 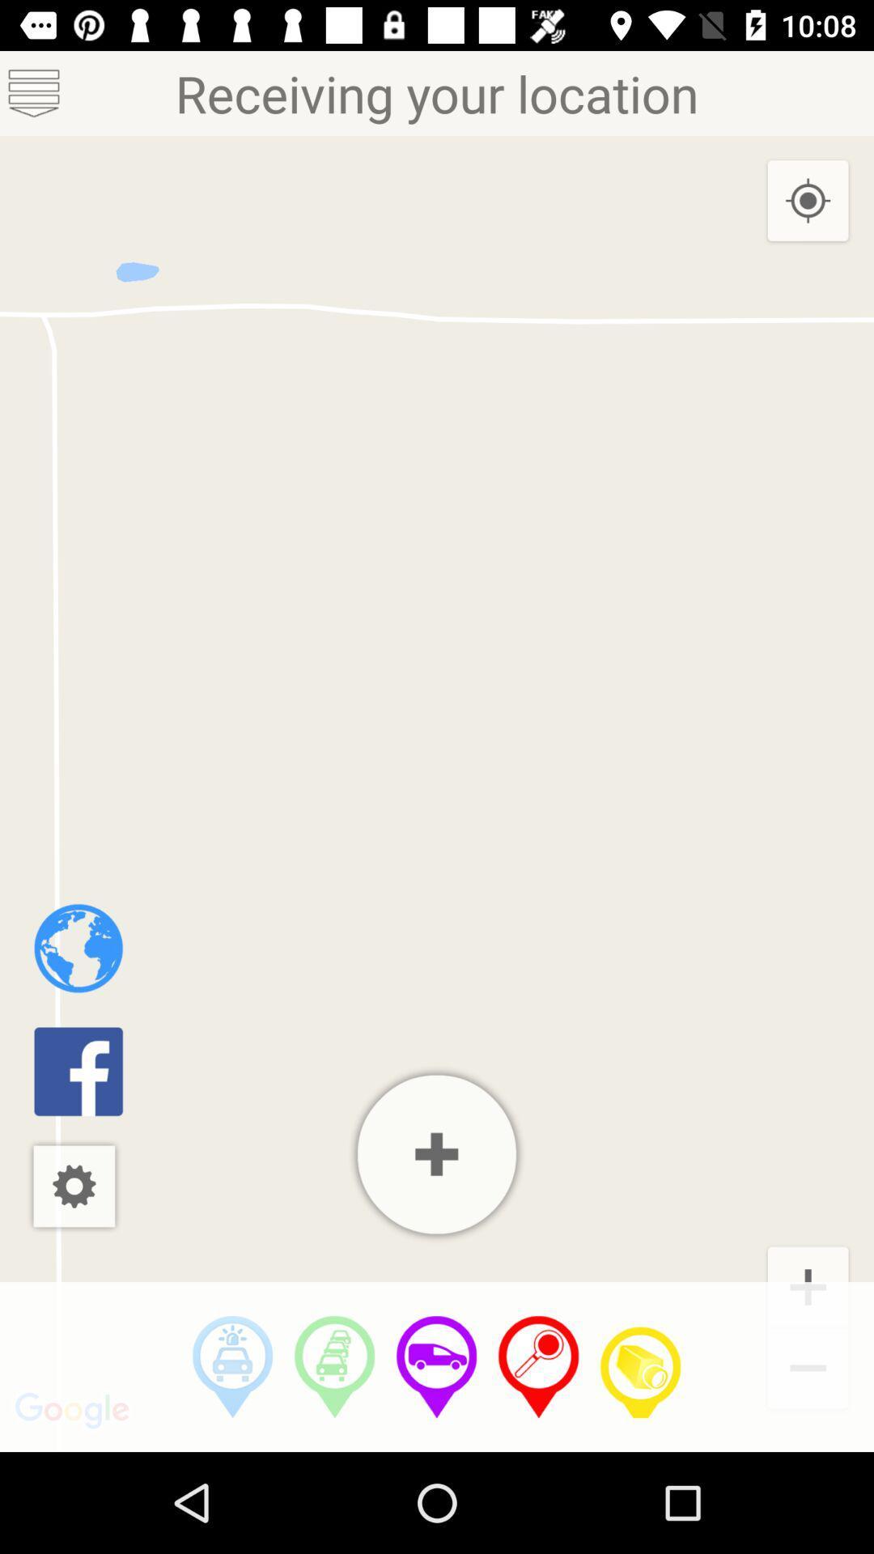 I want to click on the minus icon, so click(x=808, y=1369).